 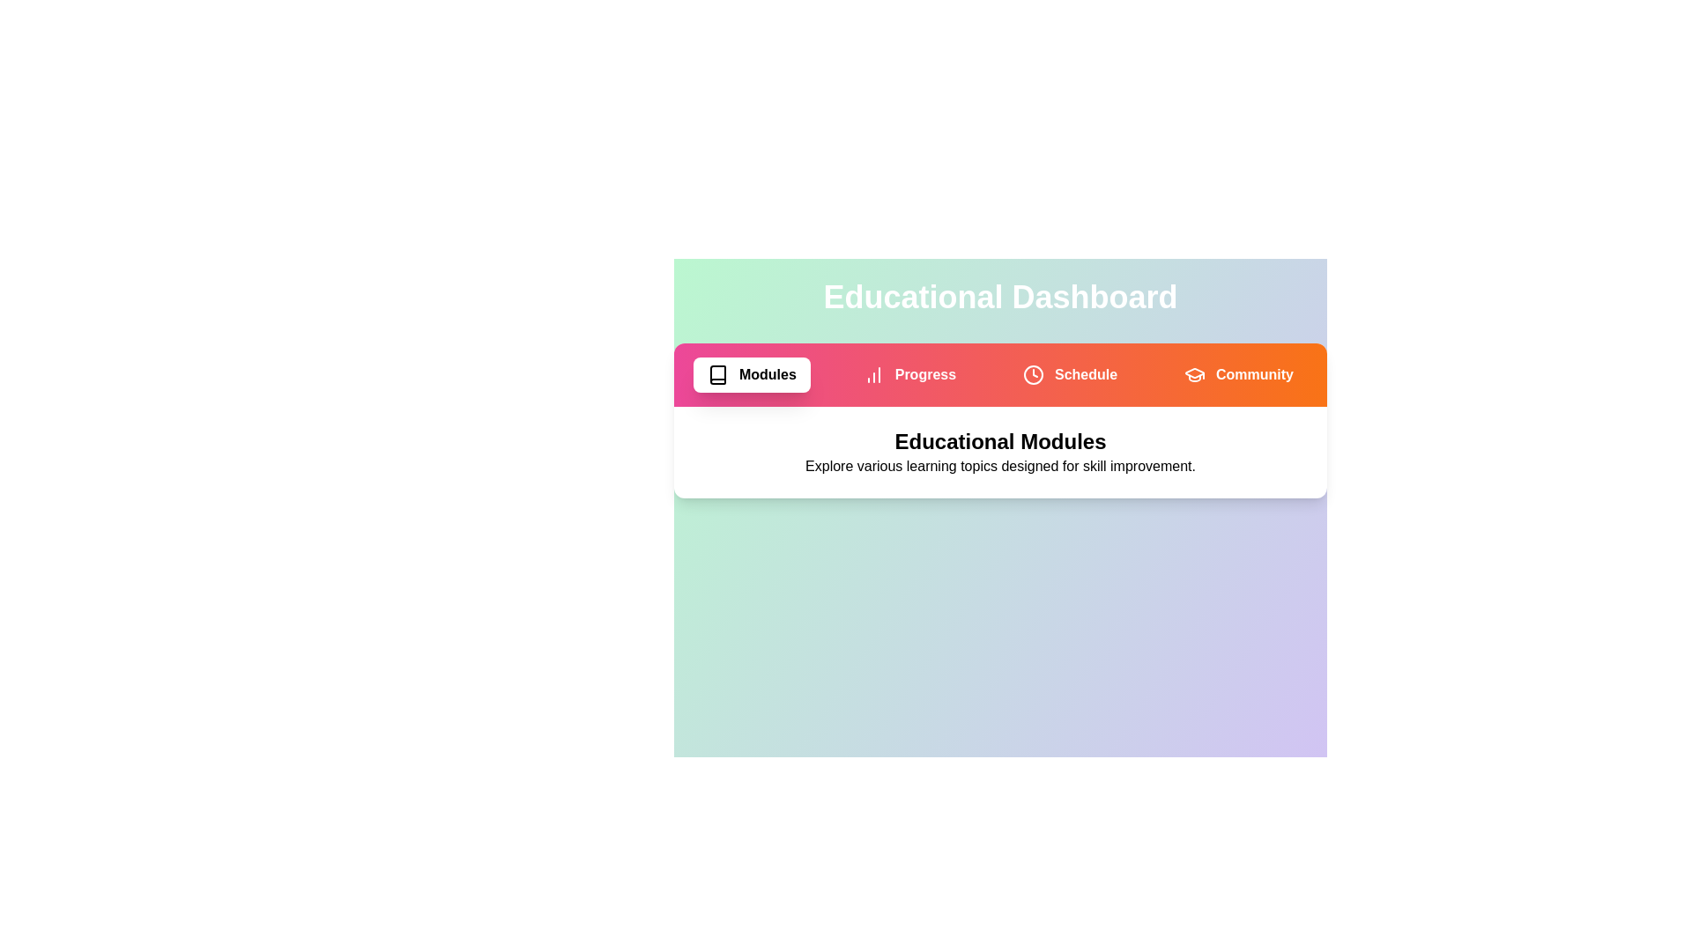 What do you see at coordinates (1033, 373) in the screenshot?
I see `the circle in the clock icon, which is the outermost component of an SVG-based clock icon located in the horizontal navigation bar at the top of the dashboard` at bounding box center [1033, 373].